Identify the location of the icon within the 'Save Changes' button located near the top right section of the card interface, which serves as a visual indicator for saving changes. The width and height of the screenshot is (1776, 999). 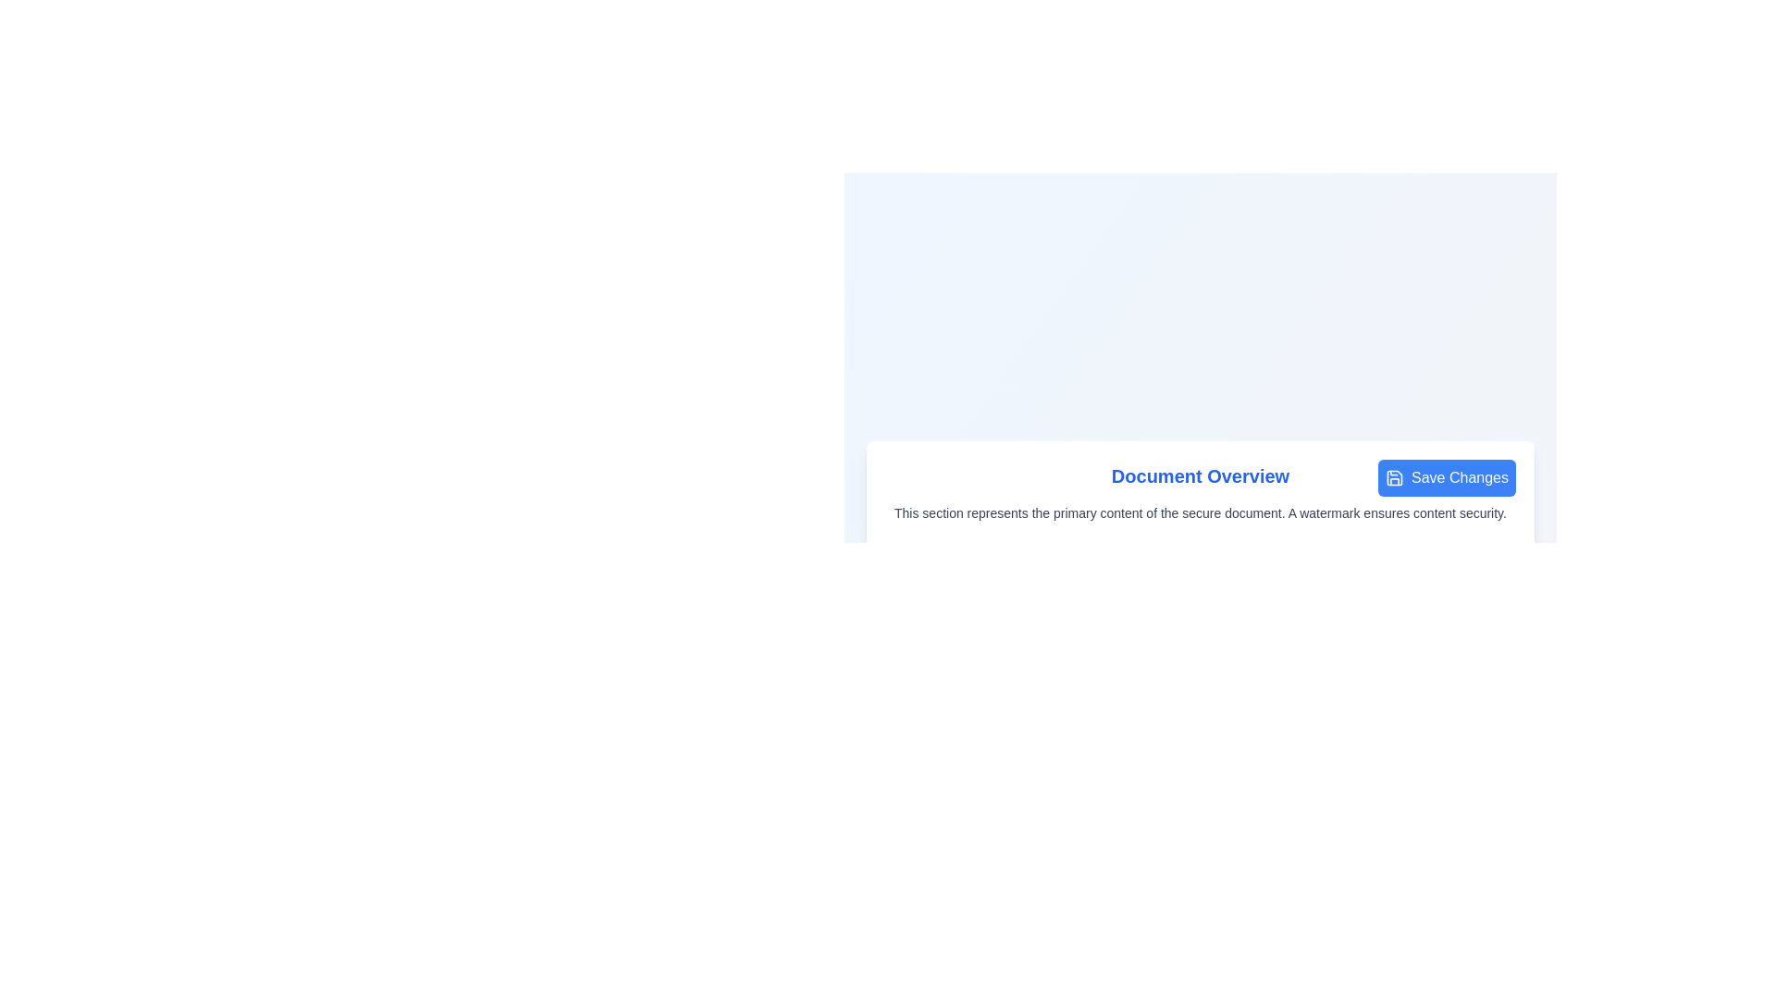
(1394, 476).